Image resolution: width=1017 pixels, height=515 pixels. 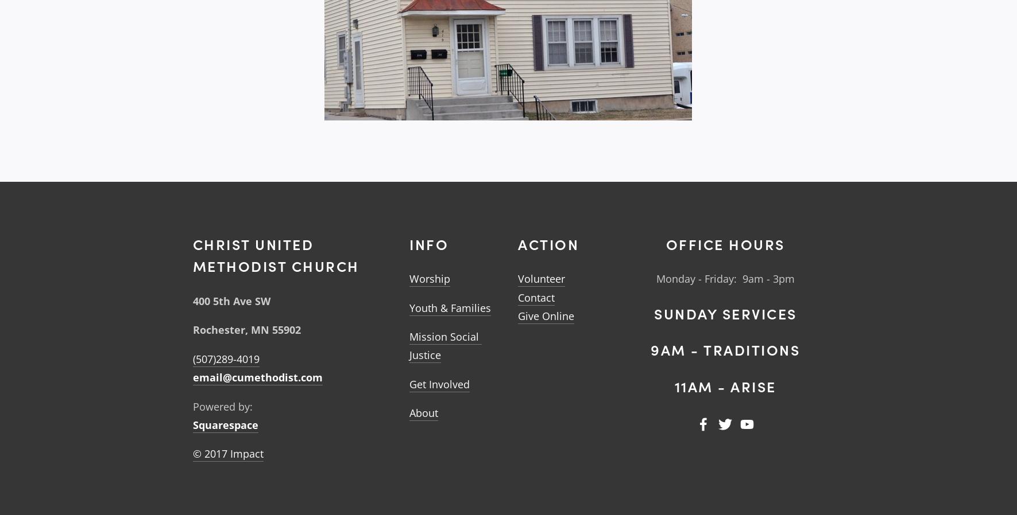 What do you see at coordinates (192, 405) in the screenshot?
I see `'Powered by:'` at bounding box center [192, 405].